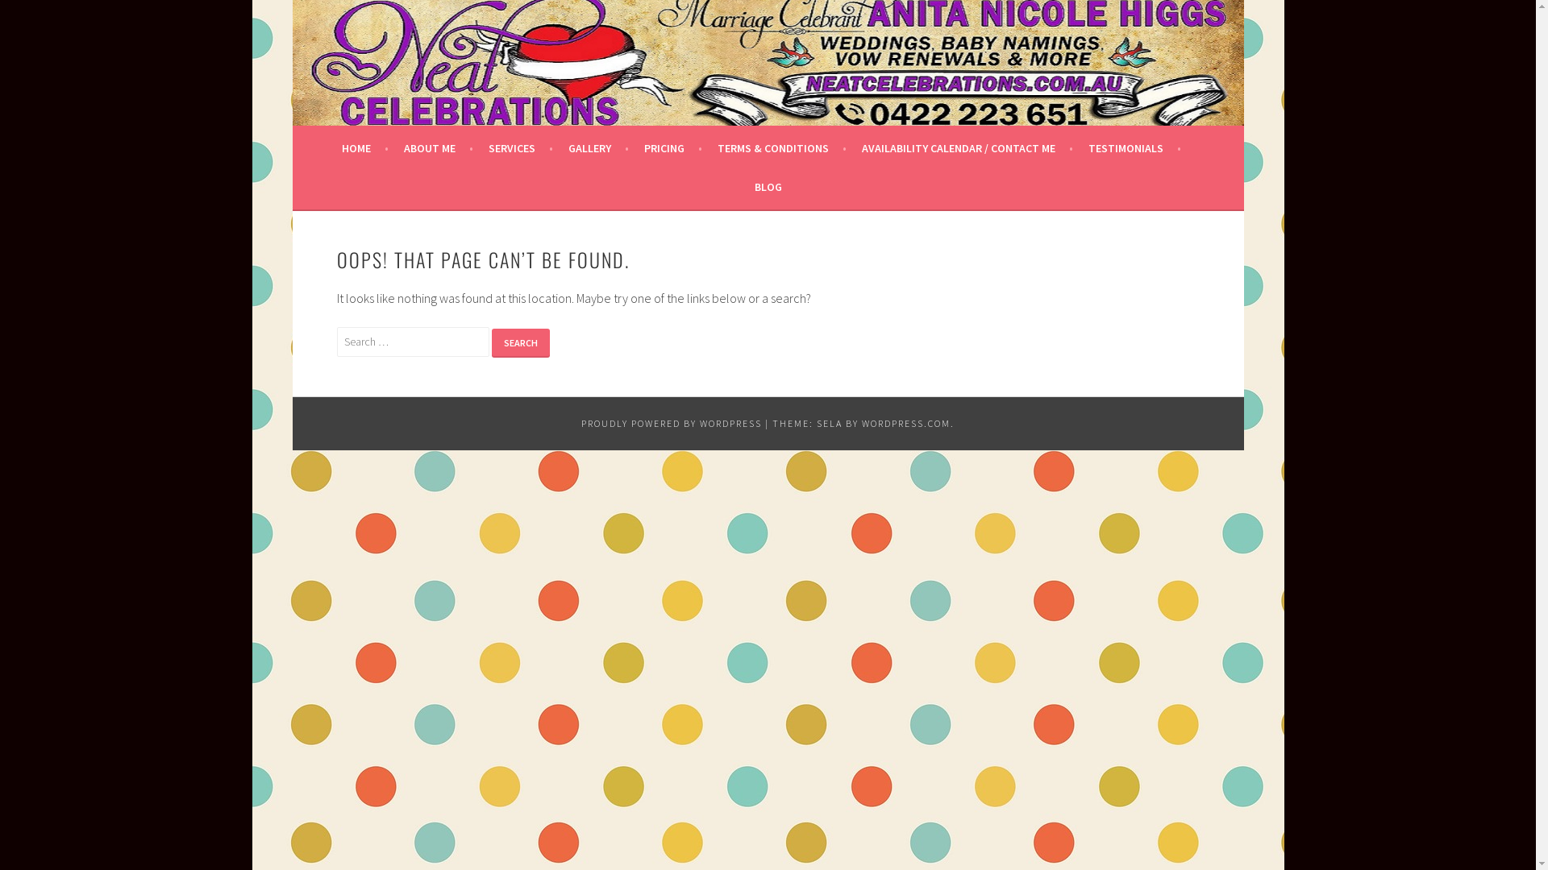 The width and height of the screenshot is (1548, 870). I want to click on 'Search', so click(521, 342).